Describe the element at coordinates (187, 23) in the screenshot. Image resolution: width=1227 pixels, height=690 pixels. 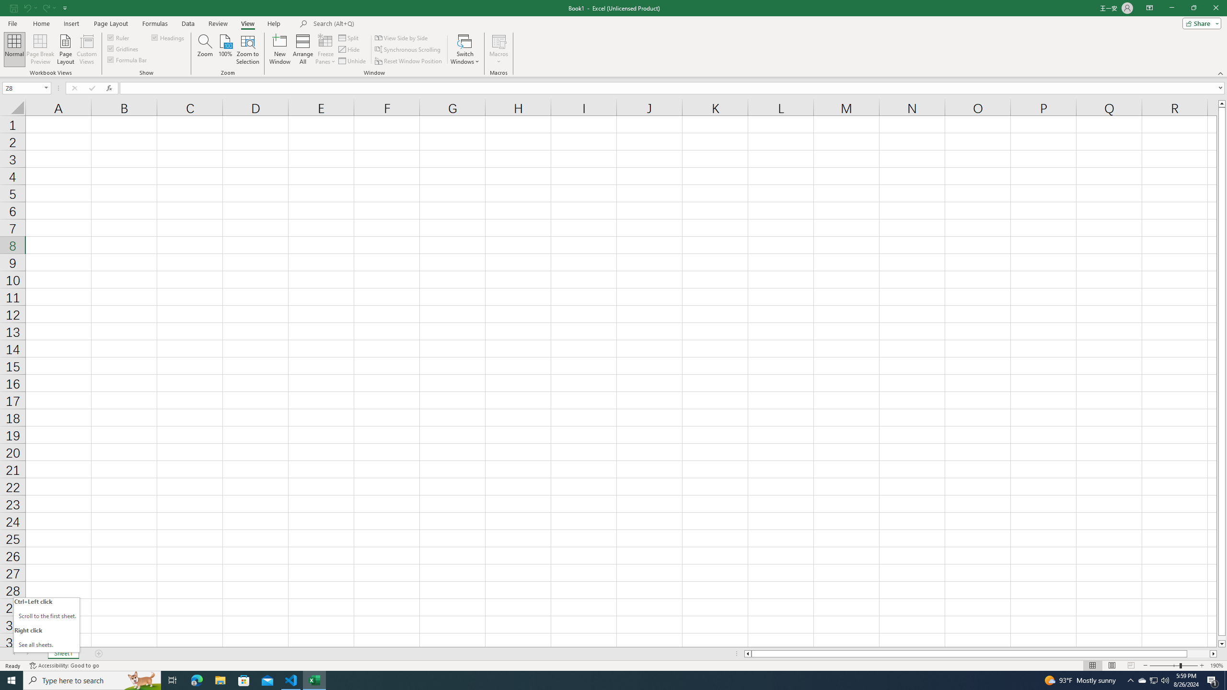
I see `'Data'` at that location.